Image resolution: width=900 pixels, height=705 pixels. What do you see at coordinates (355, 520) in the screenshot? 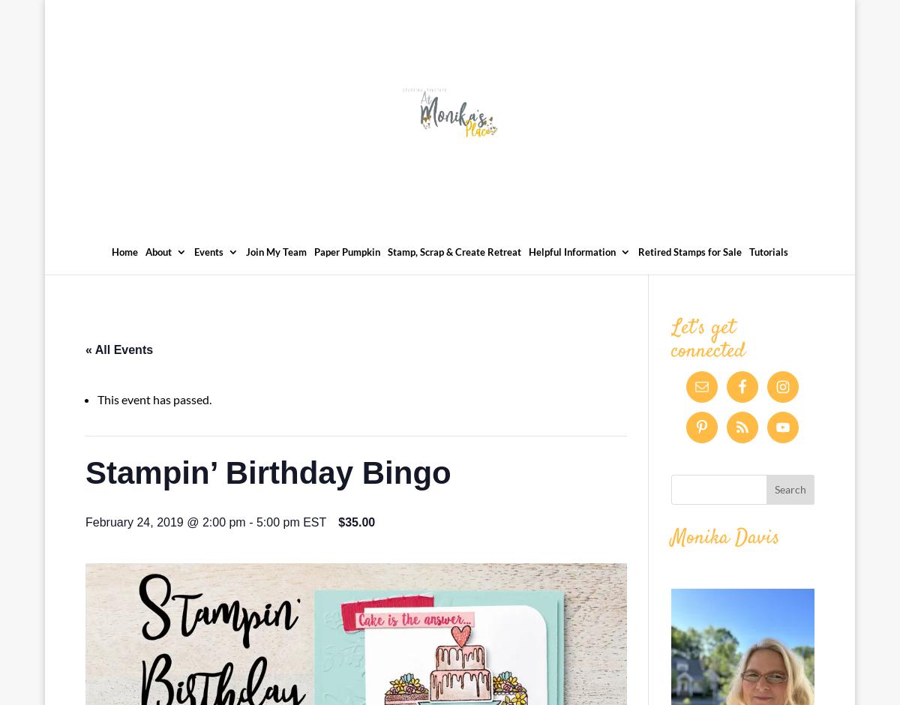
I see `'$35.00'` at bounding box center [355, 520].